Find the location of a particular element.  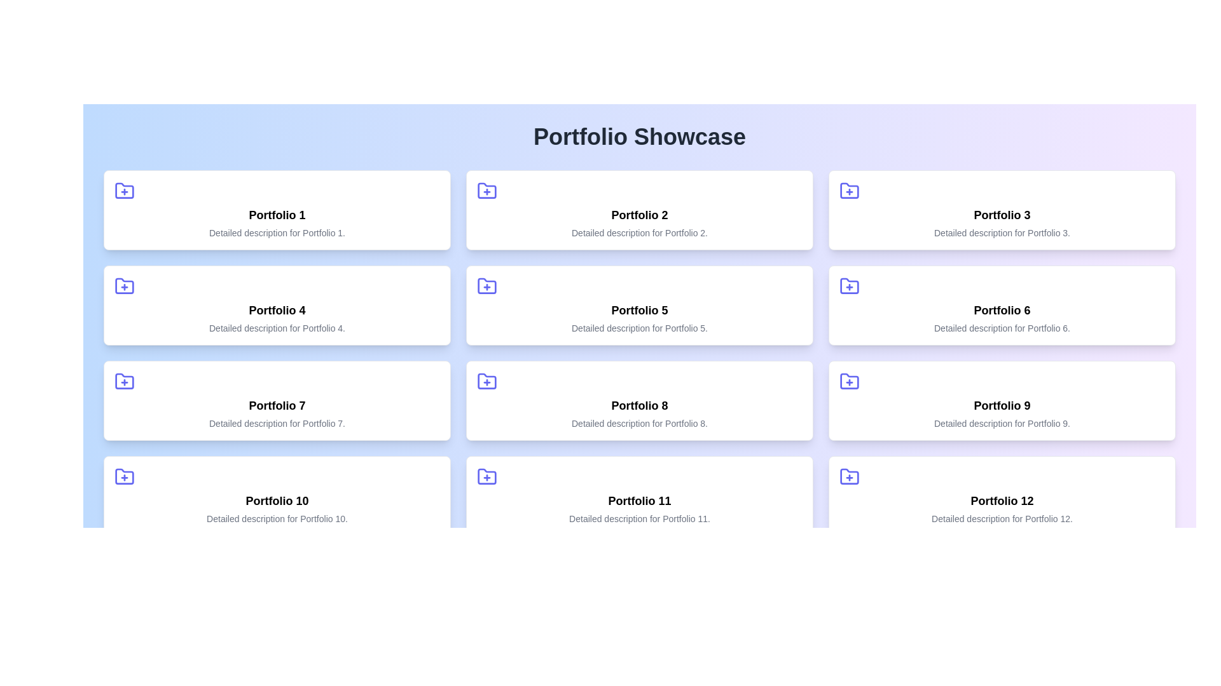

the title text of the portfolio card located in the bottom-left corner of the grid layout, positioned between an icon above and a descriptive text below is located at coordinates (277, 501).